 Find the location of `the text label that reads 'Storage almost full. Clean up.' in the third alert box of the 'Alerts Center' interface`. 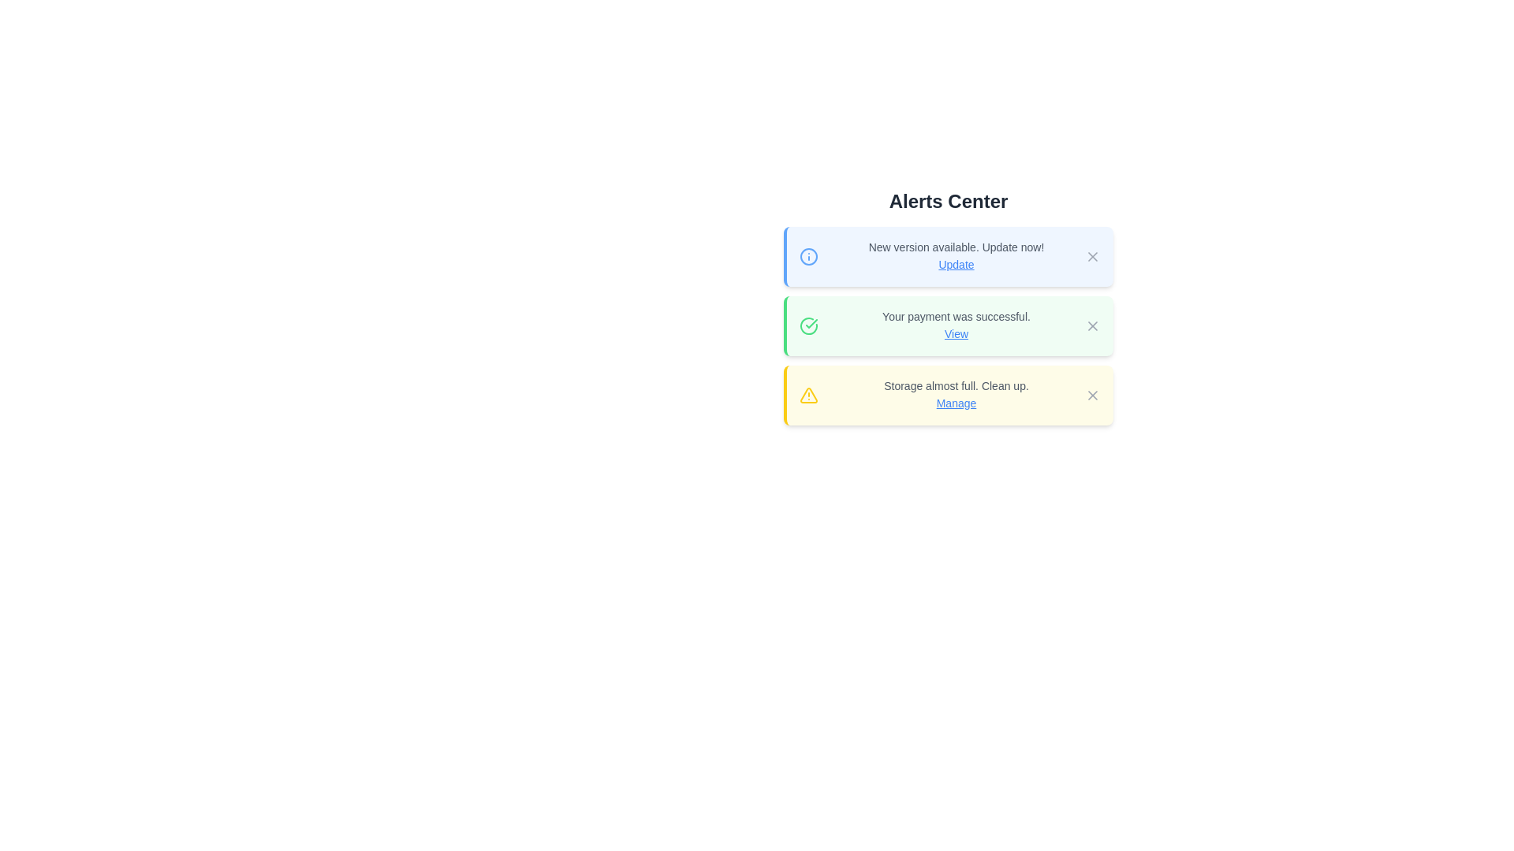

the text label that reads 'Storage almost full. Clean up.' in the third alert box of the 'Alerts Center' interface is located at coordinates (956, 385).